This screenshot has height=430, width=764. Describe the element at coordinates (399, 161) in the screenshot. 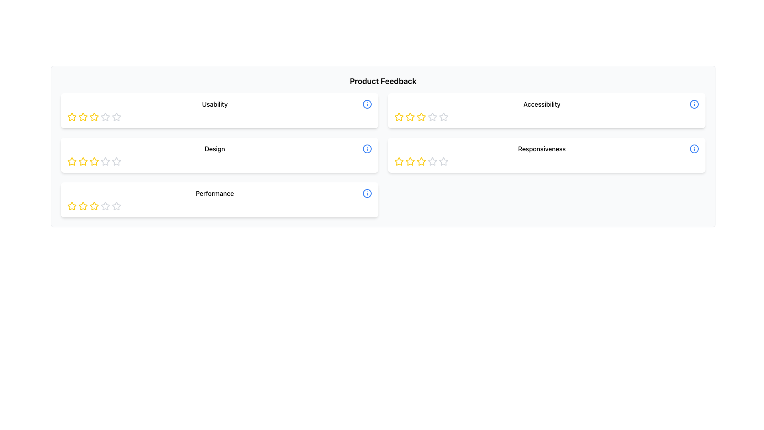

I see `the second star icon in the Responsiveness feedback section` at that location.